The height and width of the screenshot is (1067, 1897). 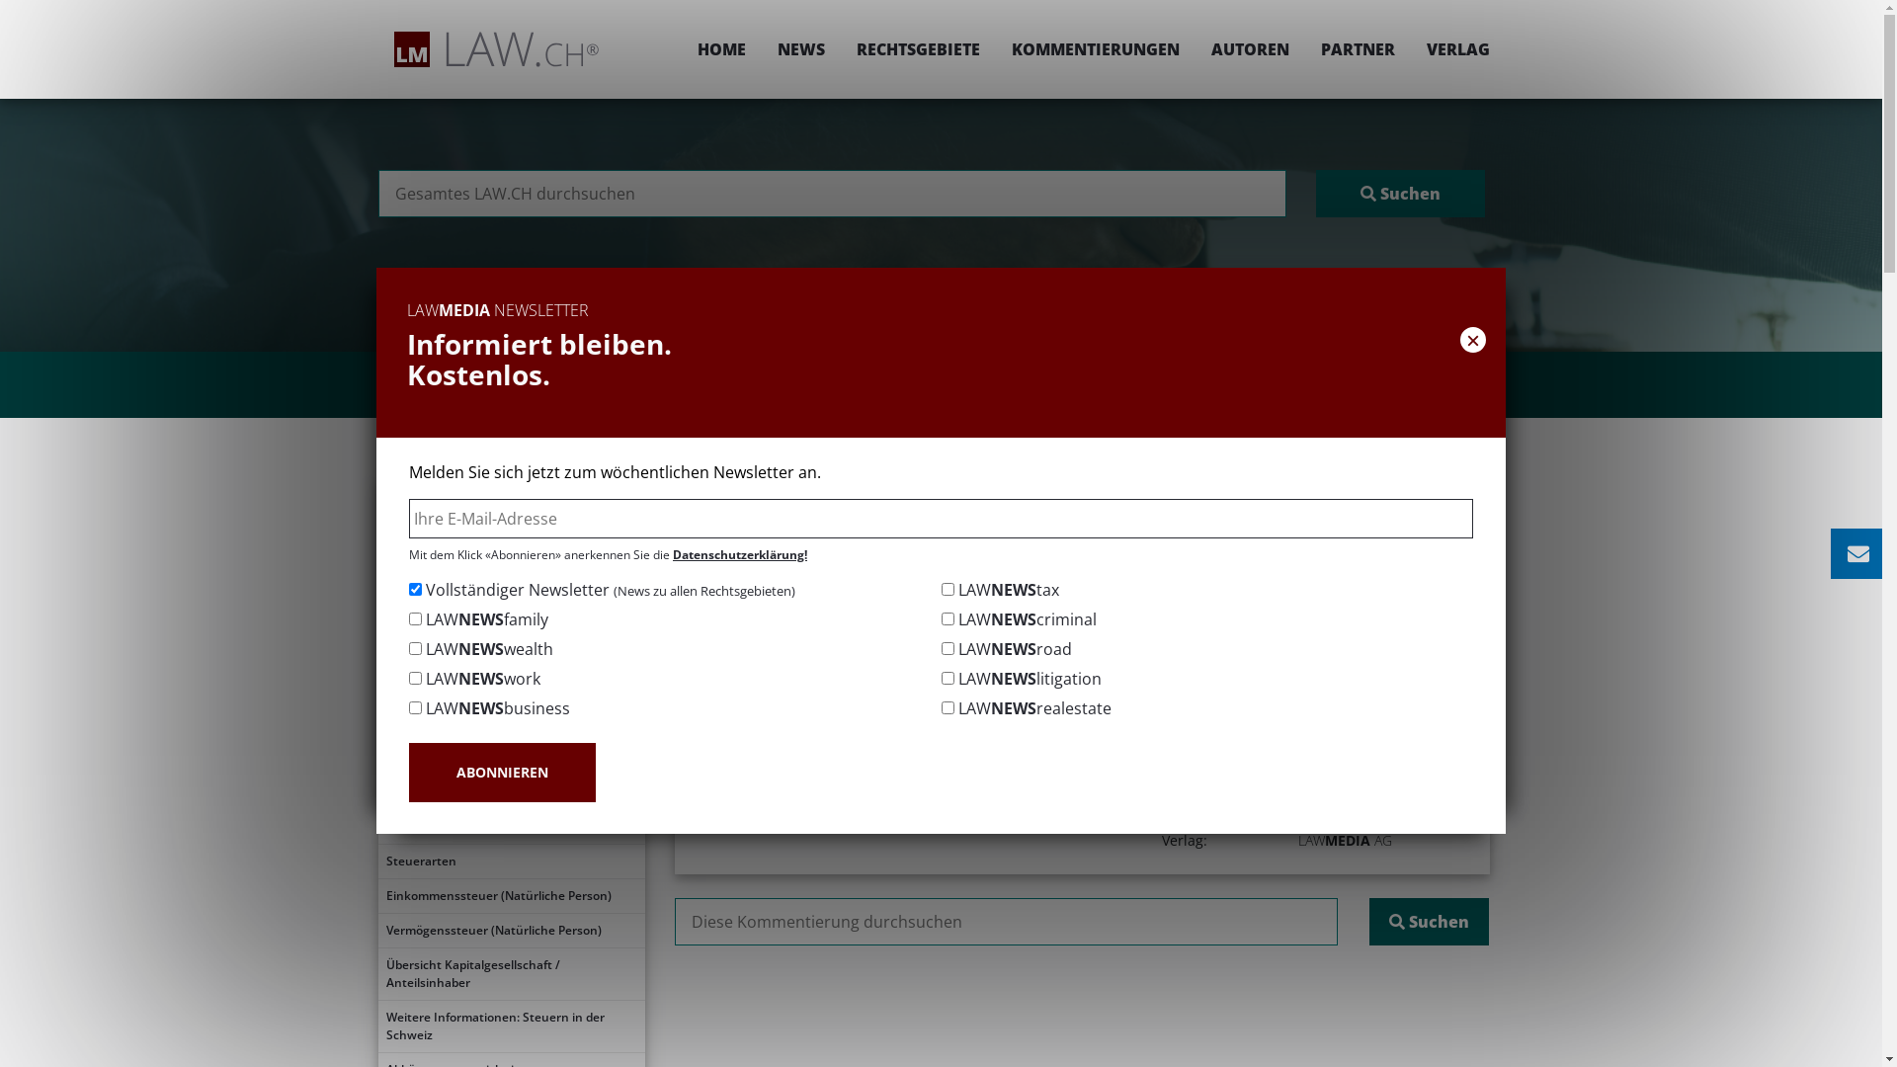 What do you see at coordinates (511, 723) in the screenshot?
I see `'Gesetzliche Grundlagen'` at bounding box center [511, 723].